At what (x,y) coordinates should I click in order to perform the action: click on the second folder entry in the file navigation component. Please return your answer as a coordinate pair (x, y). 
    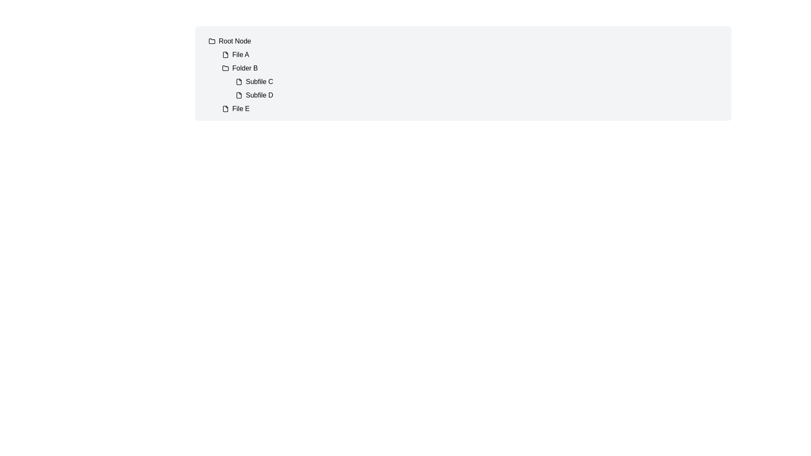
    Looking at the image, I should click on (474, 81).